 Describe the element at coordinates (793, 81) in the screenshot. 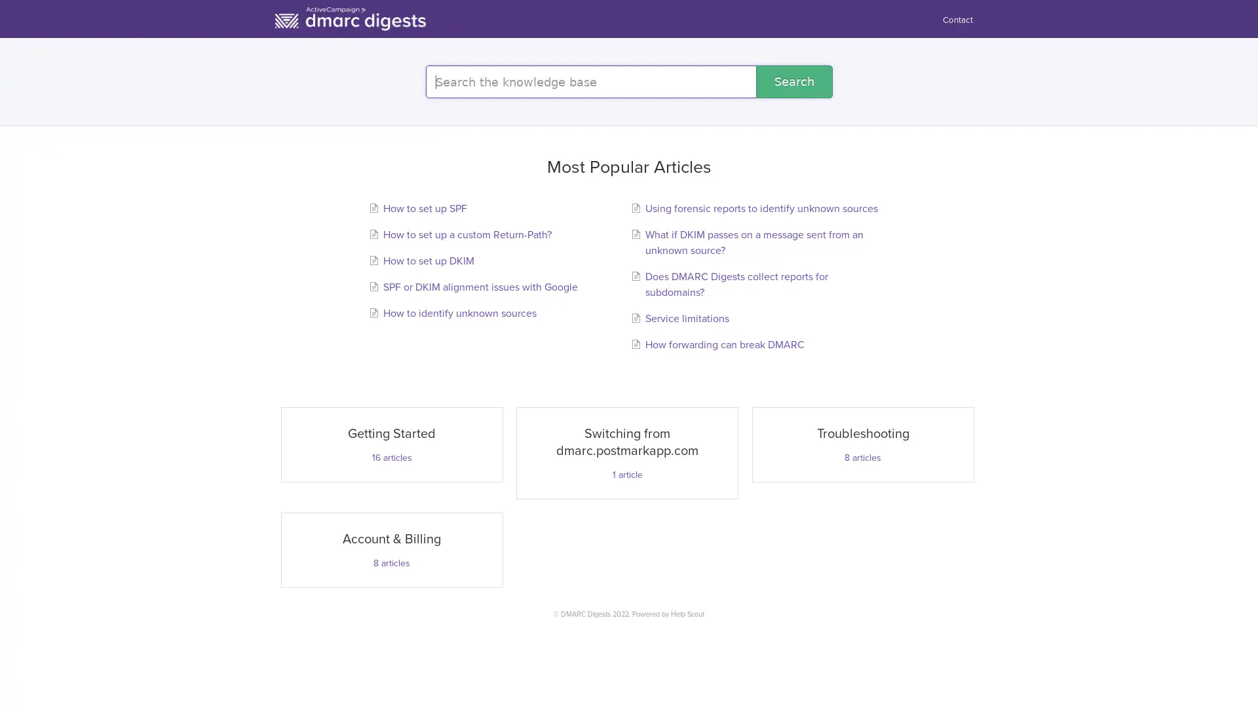

I see `Search` at that location.